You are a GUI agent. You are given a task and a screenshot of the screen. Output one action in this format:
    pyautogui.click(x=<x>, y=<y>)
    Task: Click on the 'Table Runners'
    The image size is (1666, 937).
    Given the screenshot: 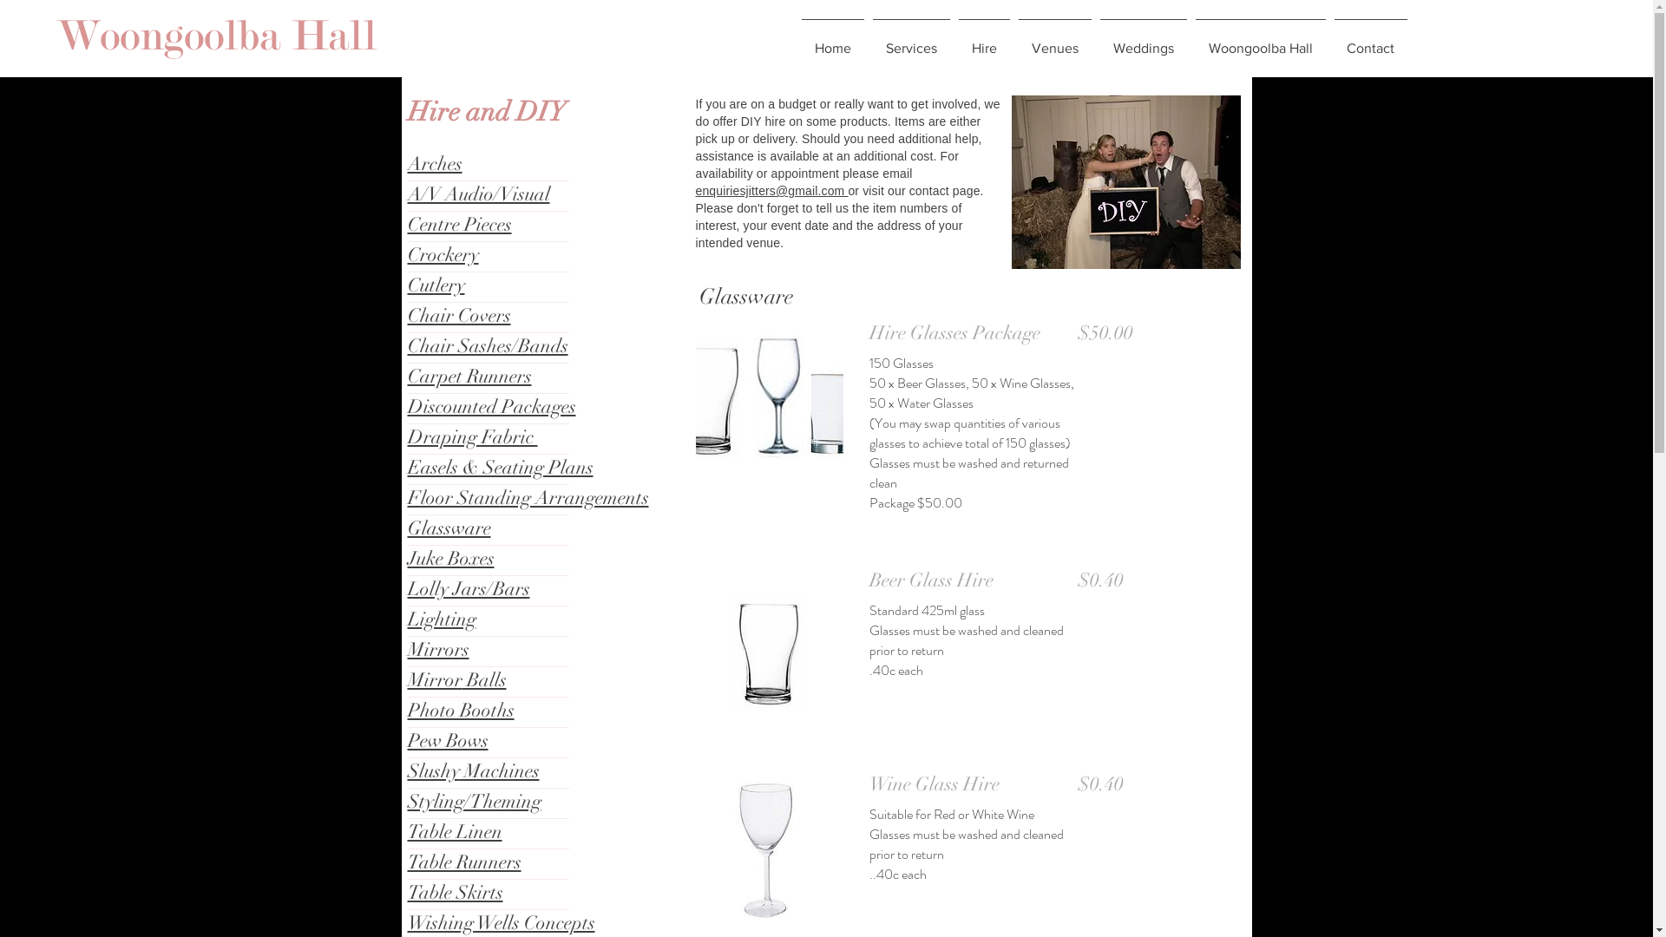 What is the action you would take?
    pyautogui.click(x=407, y=862)
    